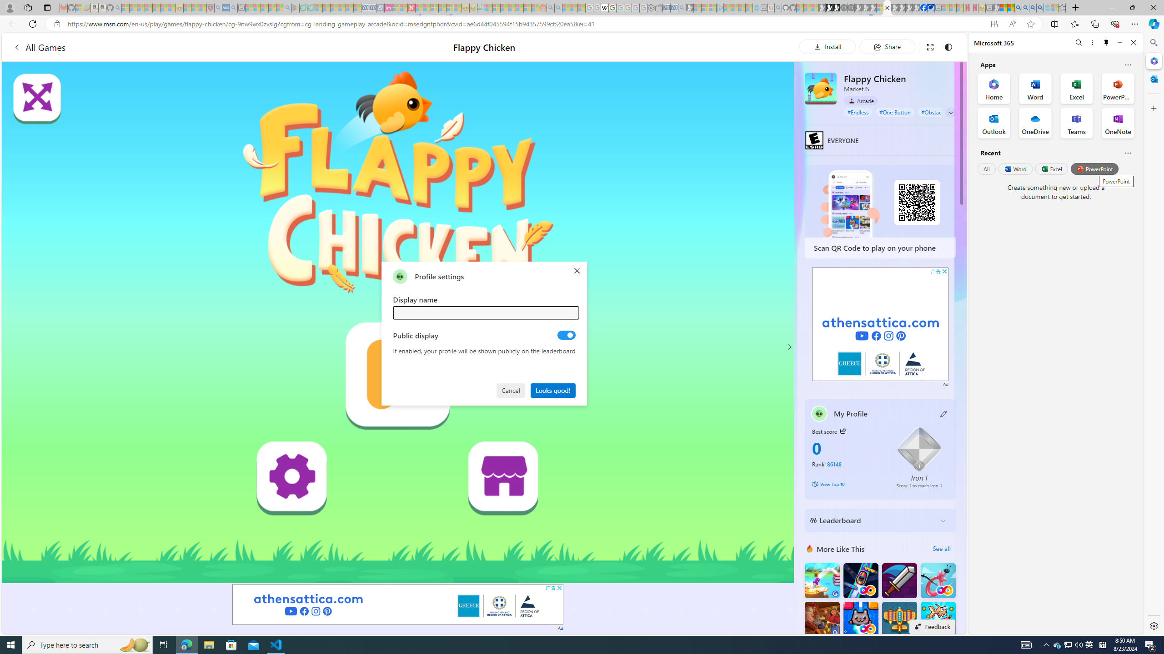  What do you see at coordinates (880, 7) in the screenshot?
I see `'Sign in to your account - Sleeping'` at bounding box center [880, 7].